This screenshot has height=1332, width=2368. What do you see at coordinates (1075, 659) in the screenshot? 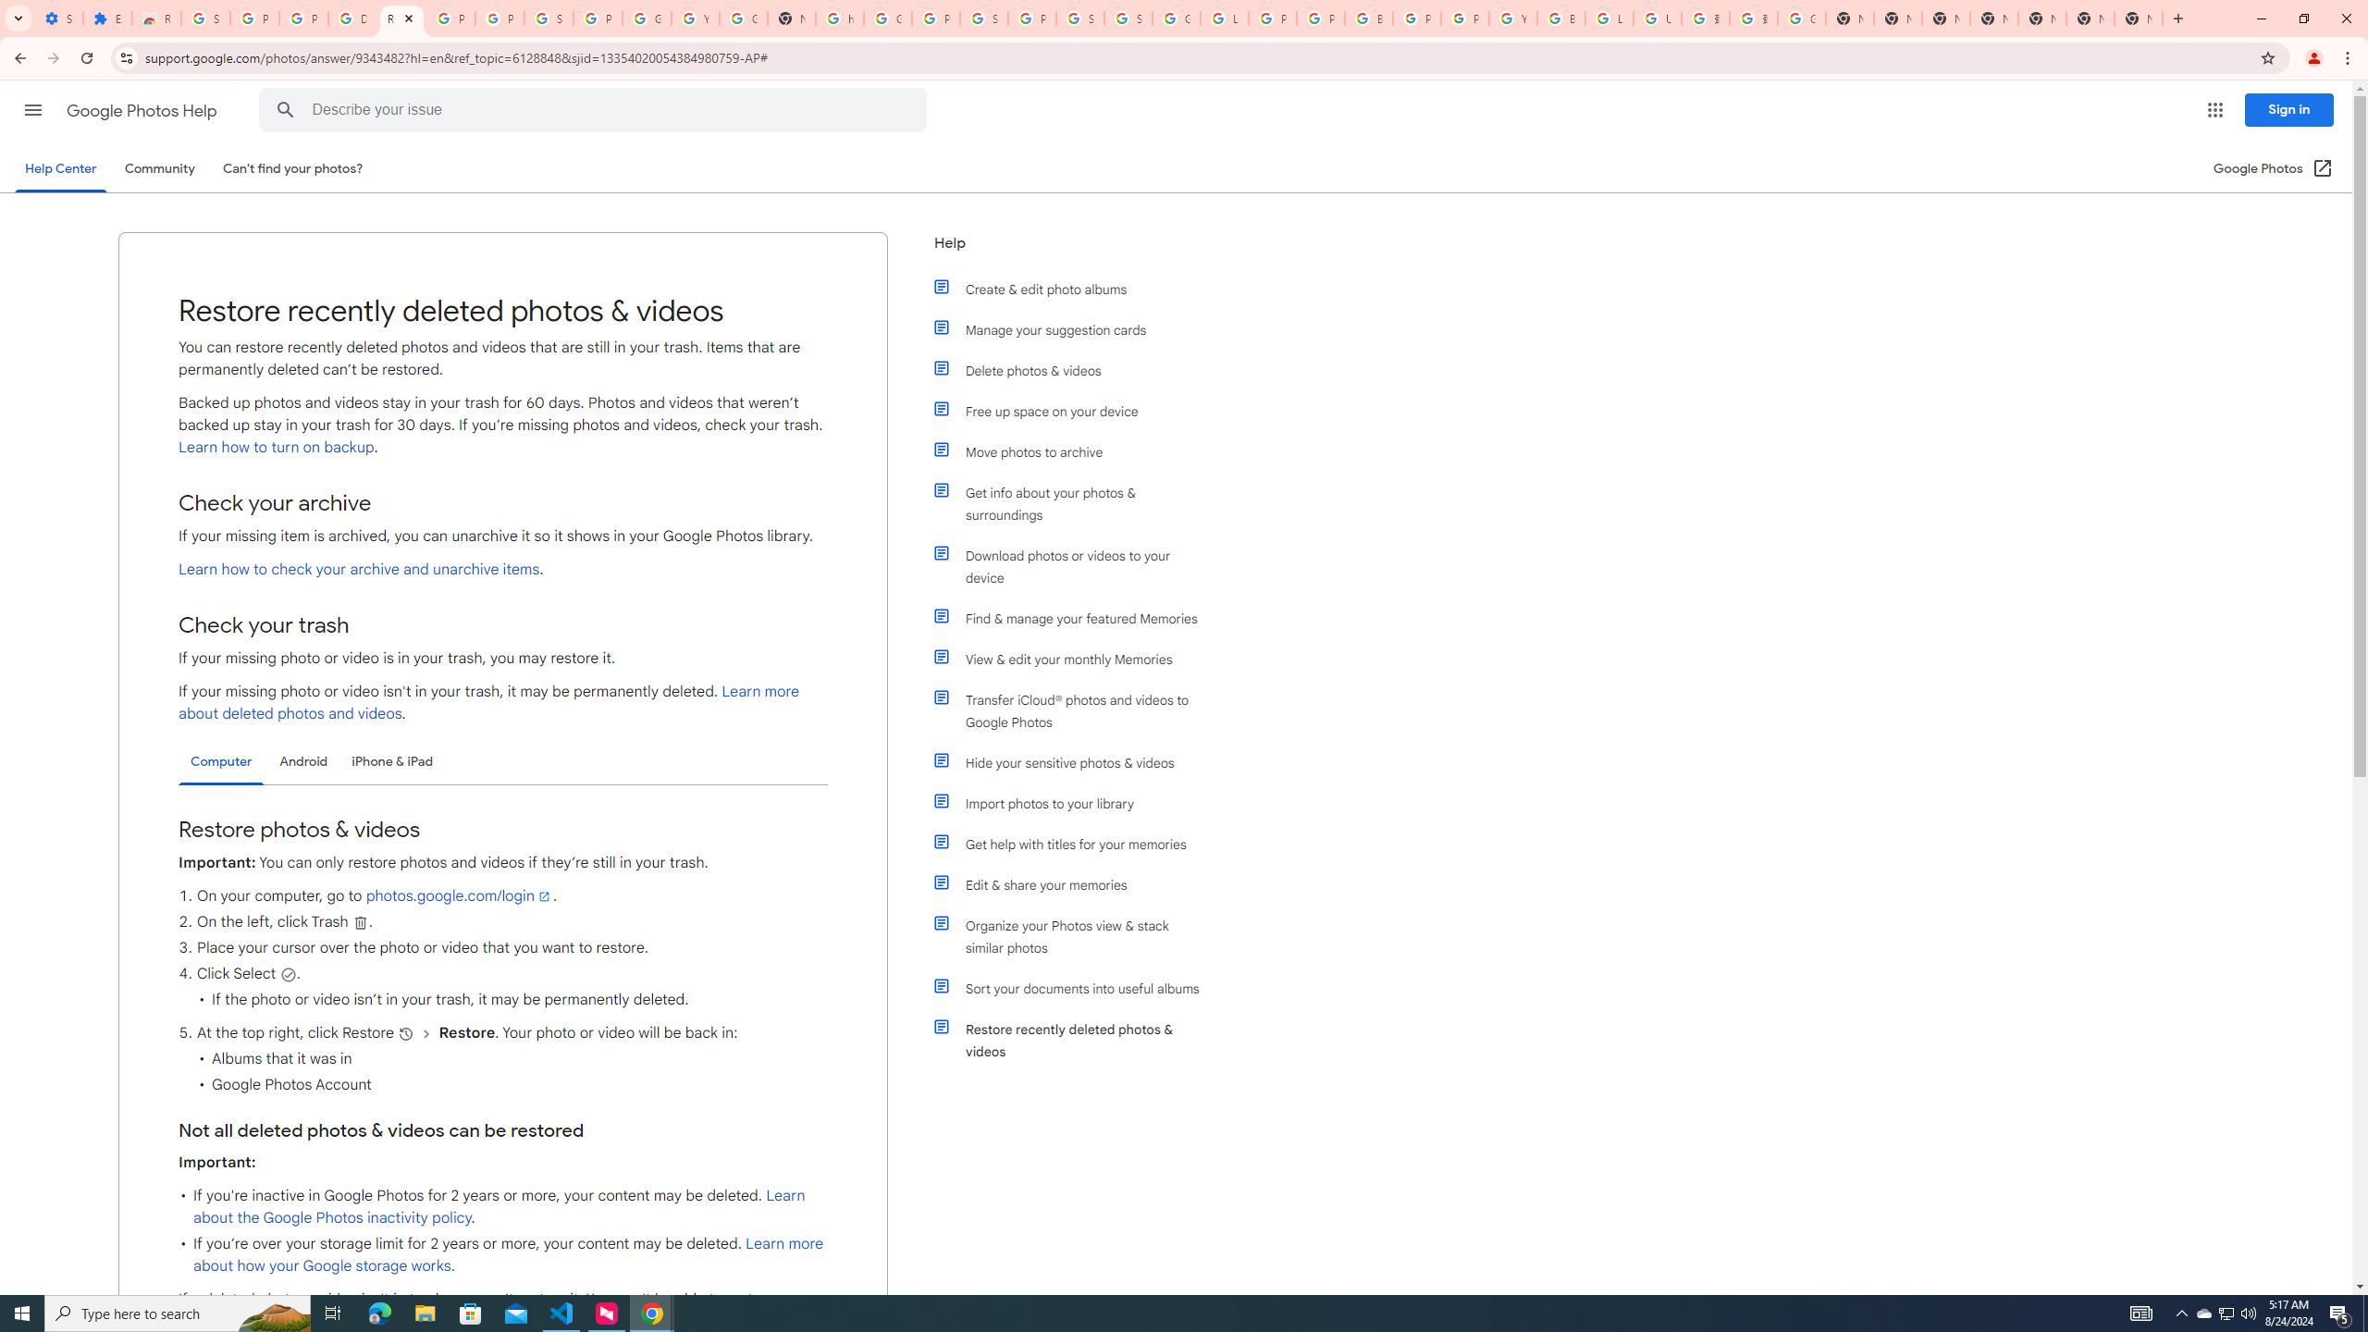
I see `'View & edit your monthly Memories'` at bounding box center [1075, 659].